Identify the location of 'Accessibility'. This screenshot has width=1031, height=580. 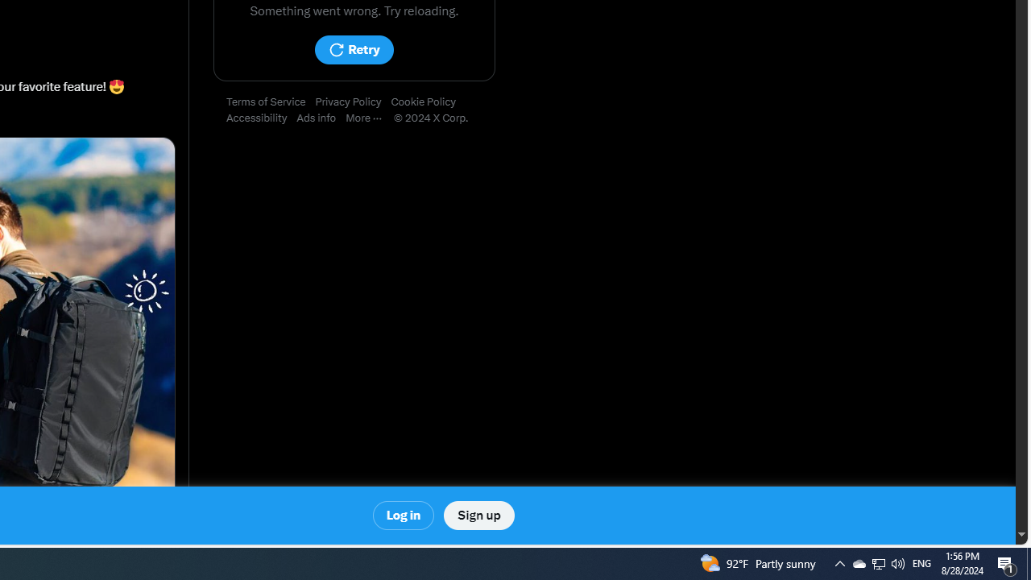
(262, 118).